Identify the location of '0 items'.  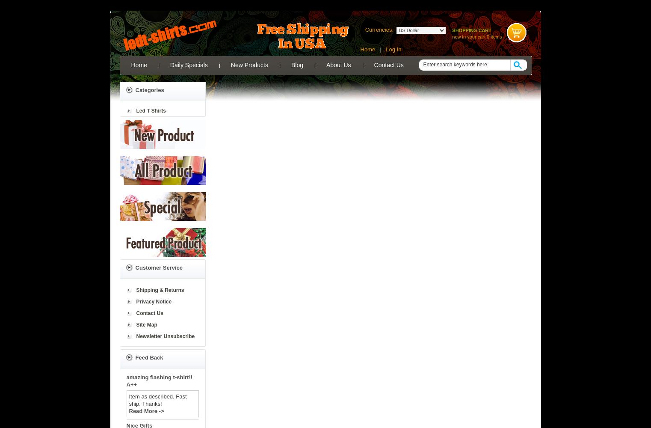
(494, 36).